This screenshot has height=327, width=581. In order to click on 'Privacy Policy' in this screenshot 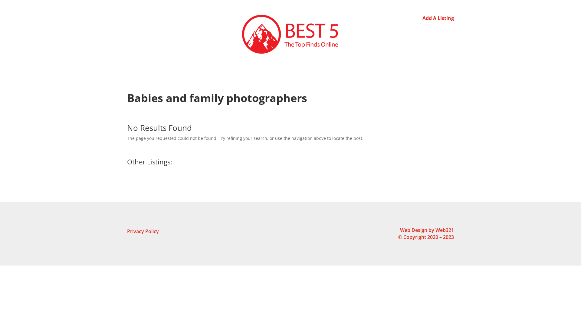, I will do `click(143, 232)`.